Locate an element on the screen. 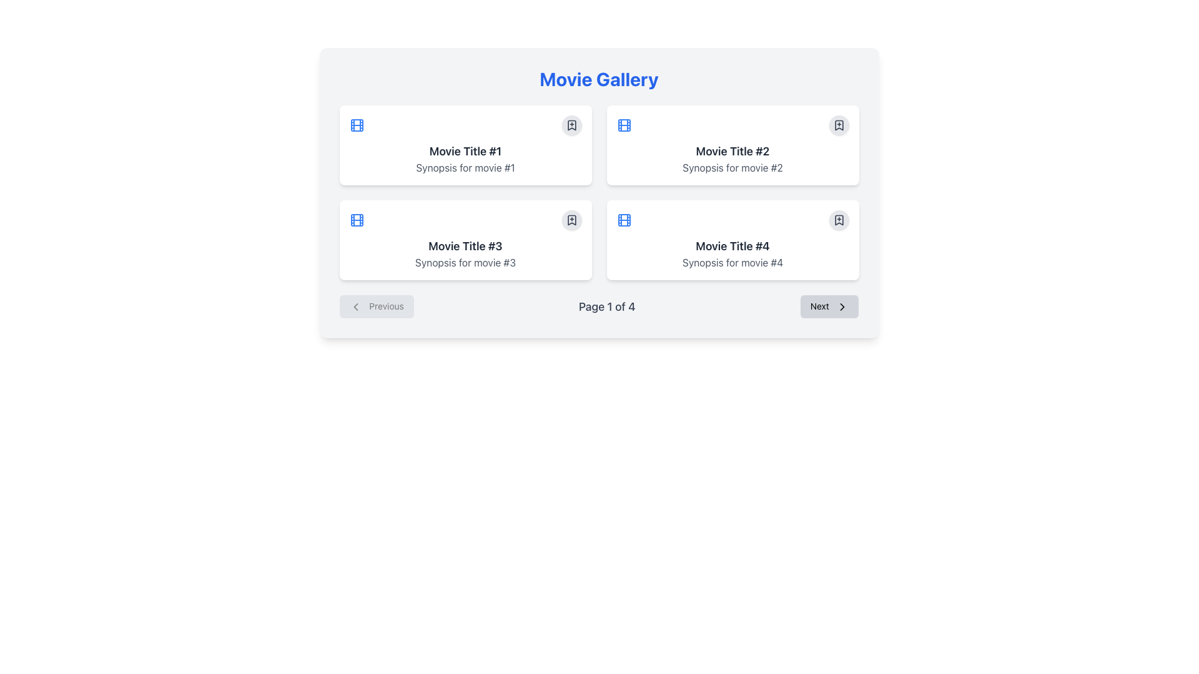 The width and height of the screenshot is (1199, 674). text value of the Text Label displaying 'Movie Title #3' located in the bottom-left card of a 2x2 grid layout is located at coordinates (465, 246).